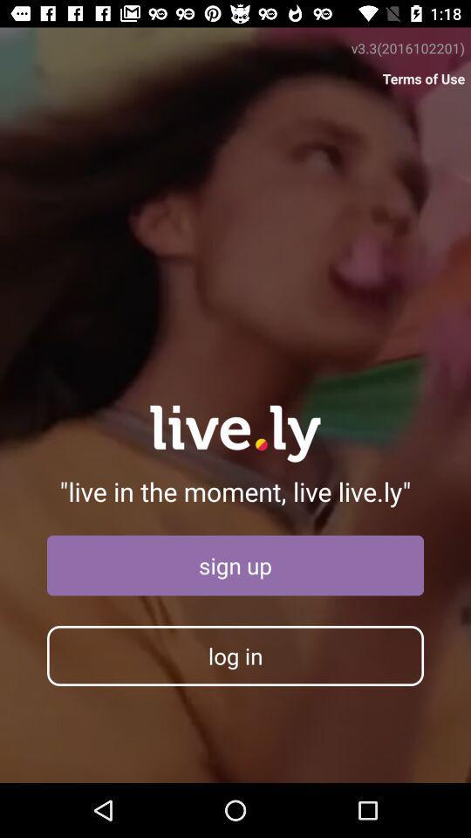 This screenshot has width=471, height=838. What do you see at coordinates (235, 565) in the screenshot?
I see `the sign up icon` at bounding box center [235, 565].